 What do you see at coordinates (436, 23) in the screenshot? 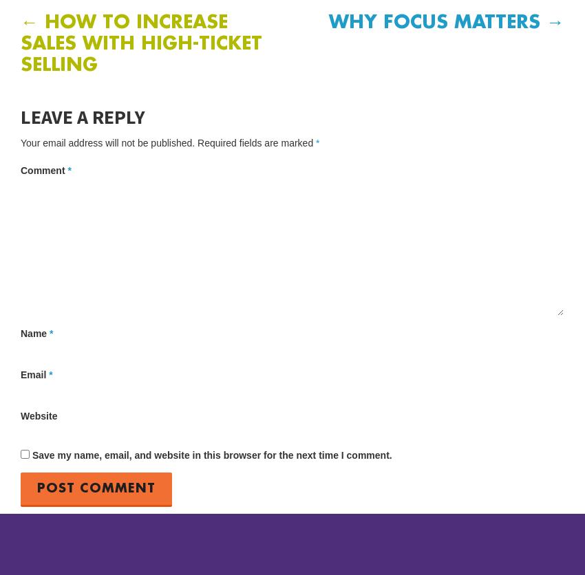
I see `'Why Focus Matters'` at bounding box center [436, 23].